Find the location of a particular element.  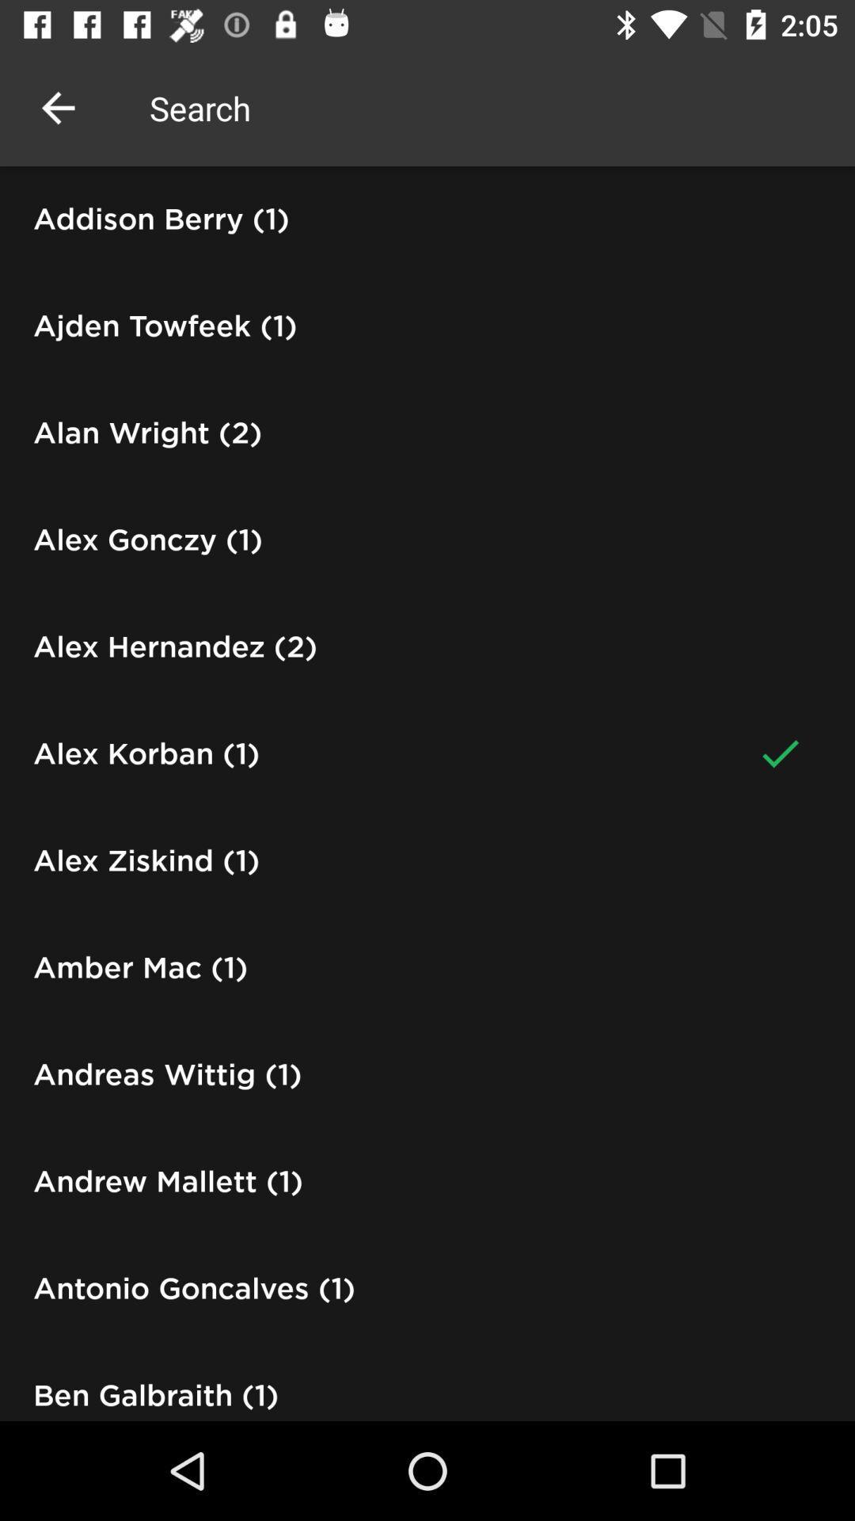

the icon above the addison berry (1) icon is located at coordinates (57, 107).